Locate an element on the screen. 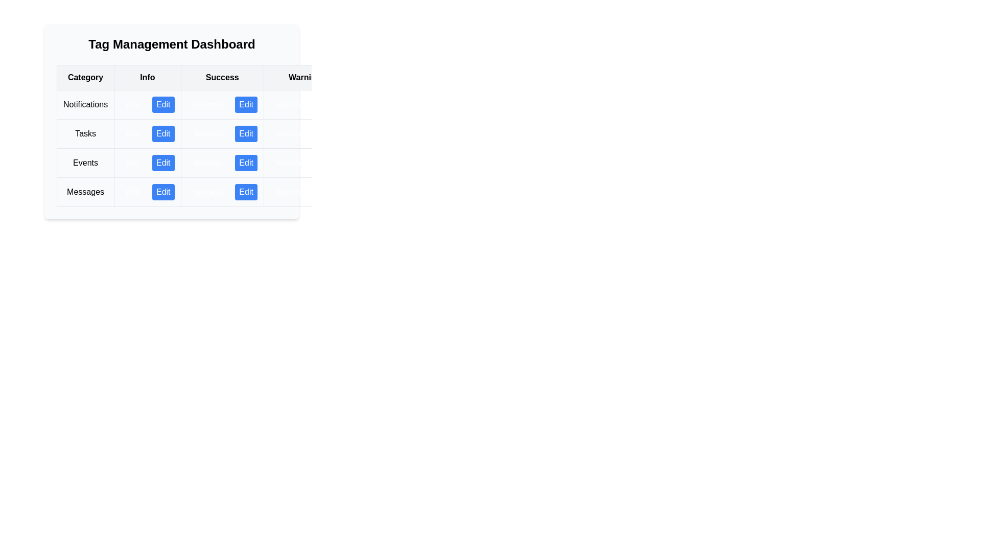 The image size is (981, 552). the 'Edit' button, which has a vibrant blue background and is located in the 'success' column of the 'Tasks' row, to change its background color is located at coordinates (246, 133).